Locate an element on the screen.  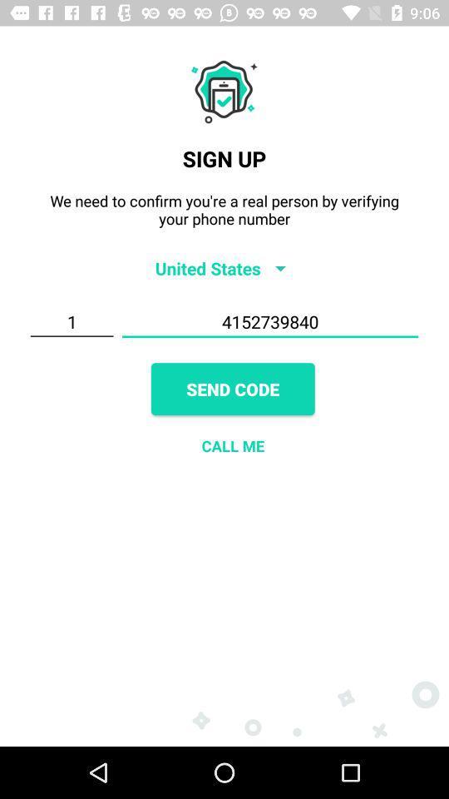
call me is located at coordinates (232, 444).